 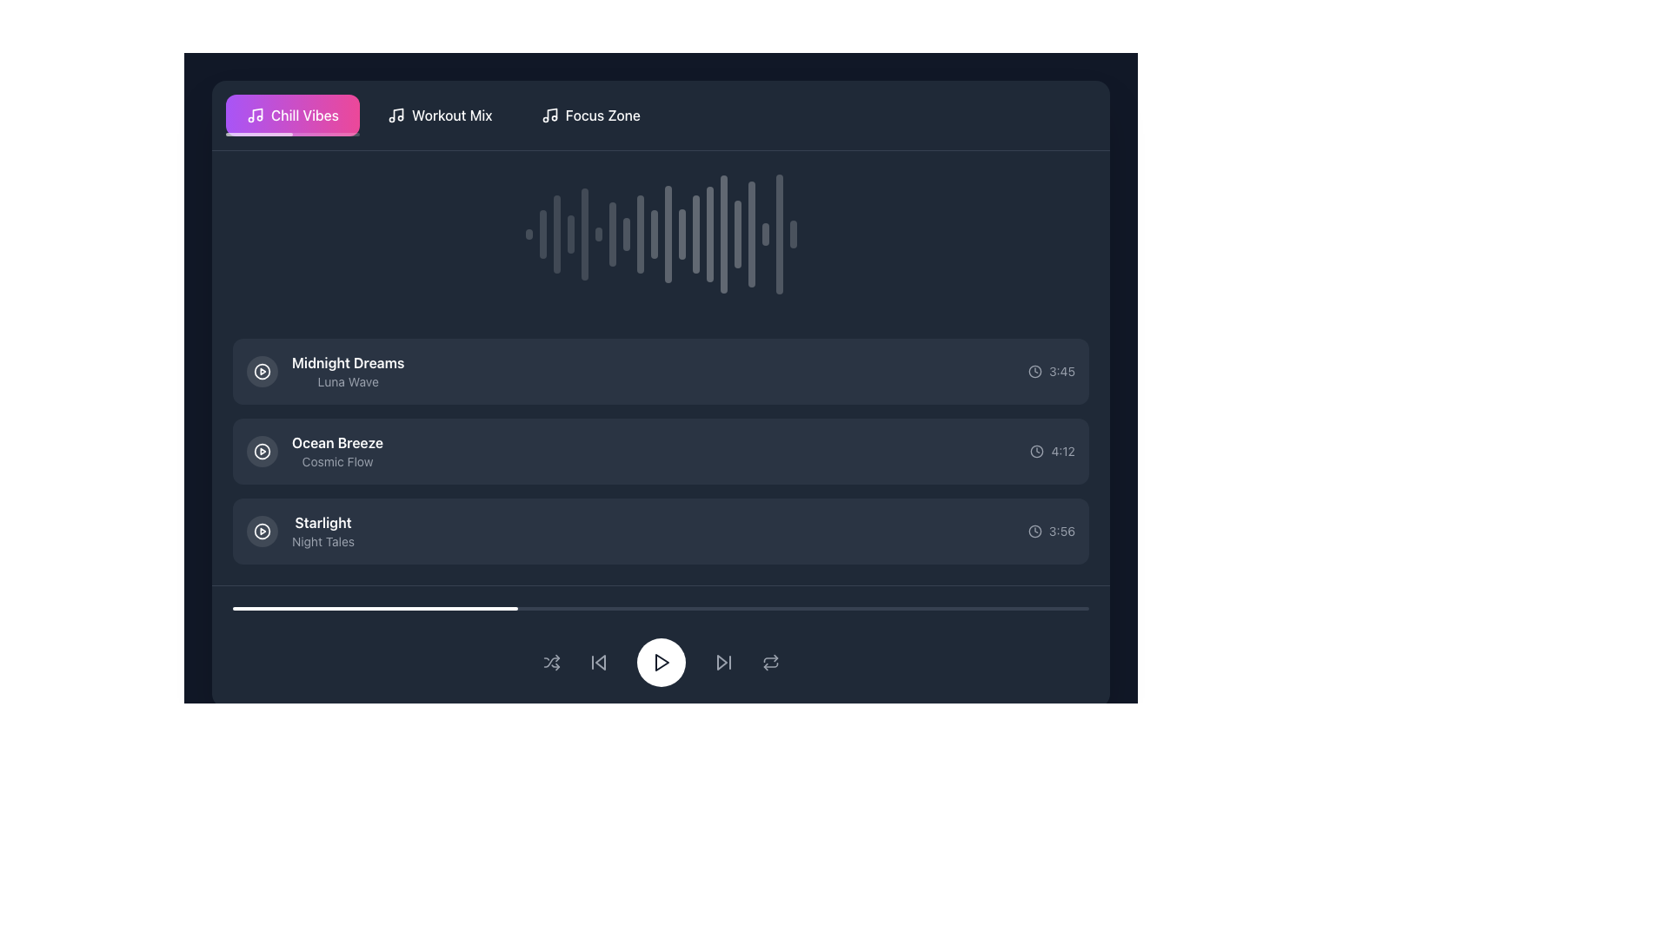 I want to click on the static text label displaying the duration '3:56', which is located in the bottom-right corner of the 'Starlight' list, so click(x=1061, y=531).